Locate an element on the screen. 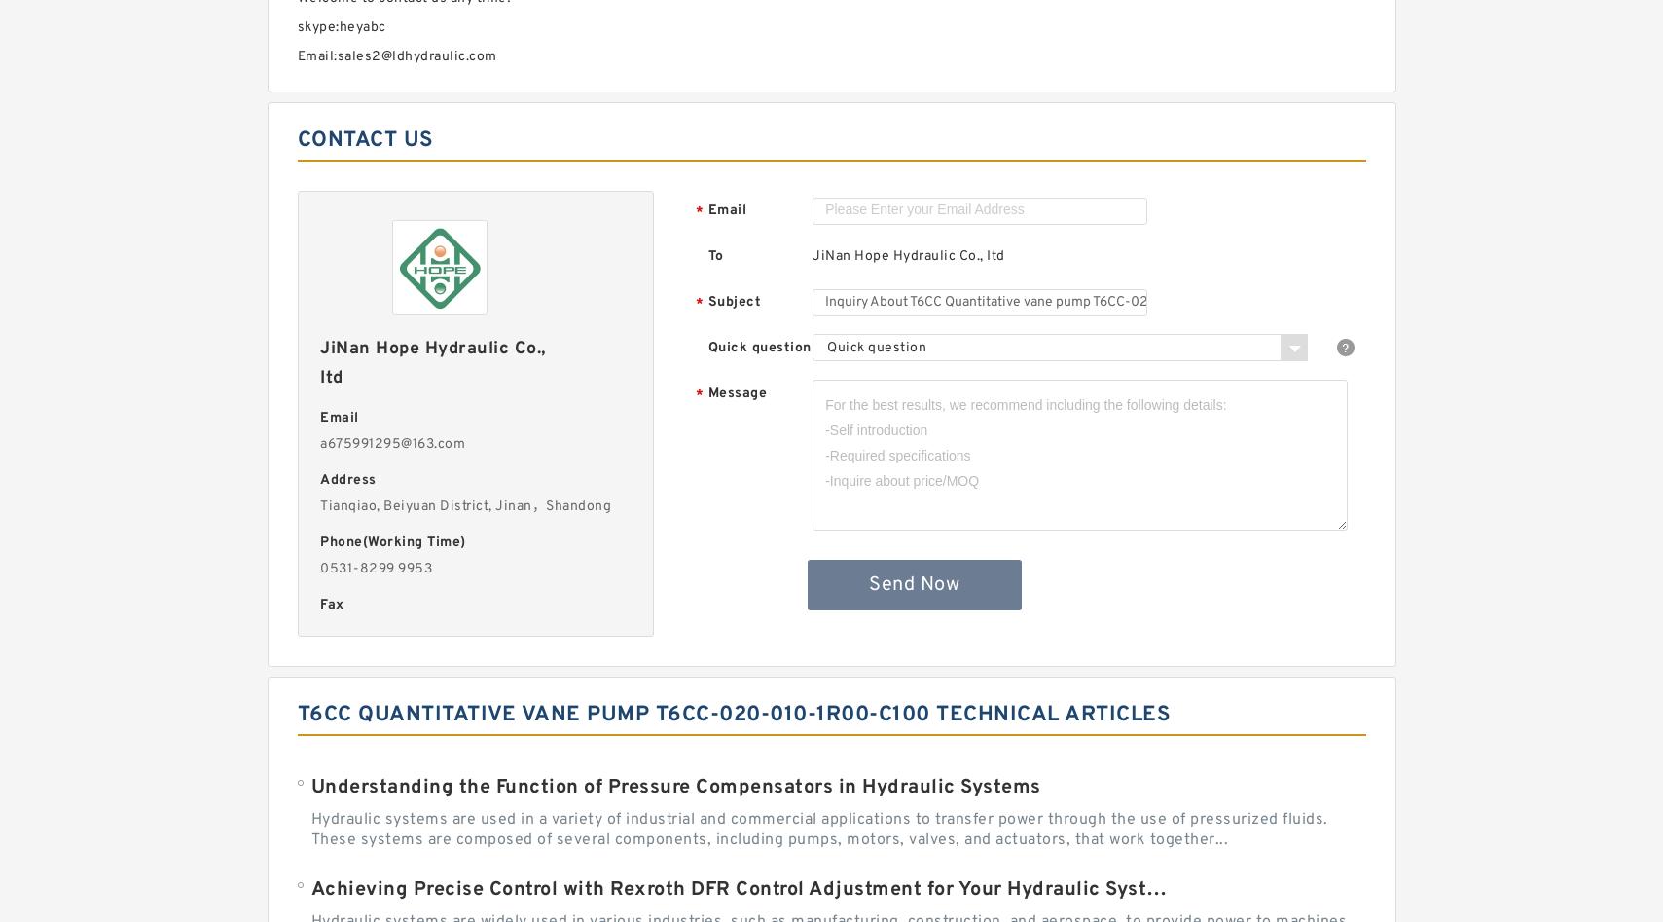  'Fax' is located at coordinates (330, 605).